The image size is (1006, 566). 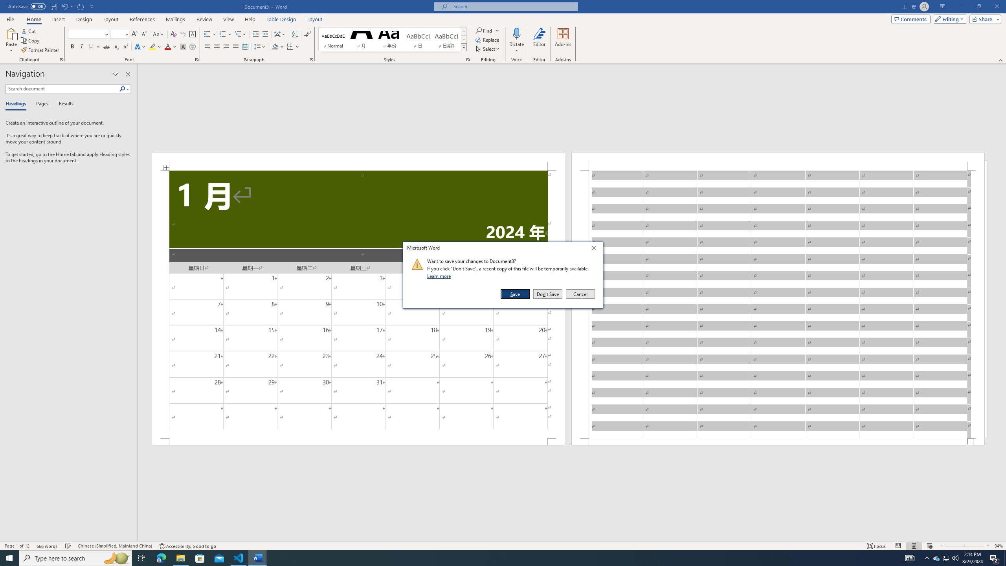 I want to click on 'Don', so click(x=547, y=294).